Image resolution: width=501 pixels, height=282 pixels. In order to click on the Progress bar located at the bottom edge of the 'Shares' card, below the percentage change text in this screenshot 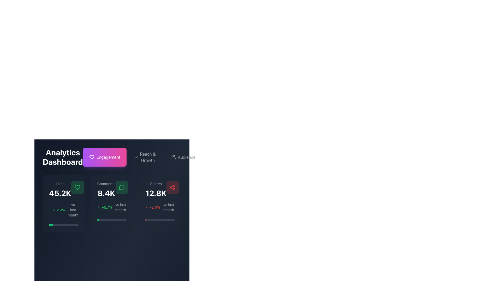, I will do `click(160, 220)`.